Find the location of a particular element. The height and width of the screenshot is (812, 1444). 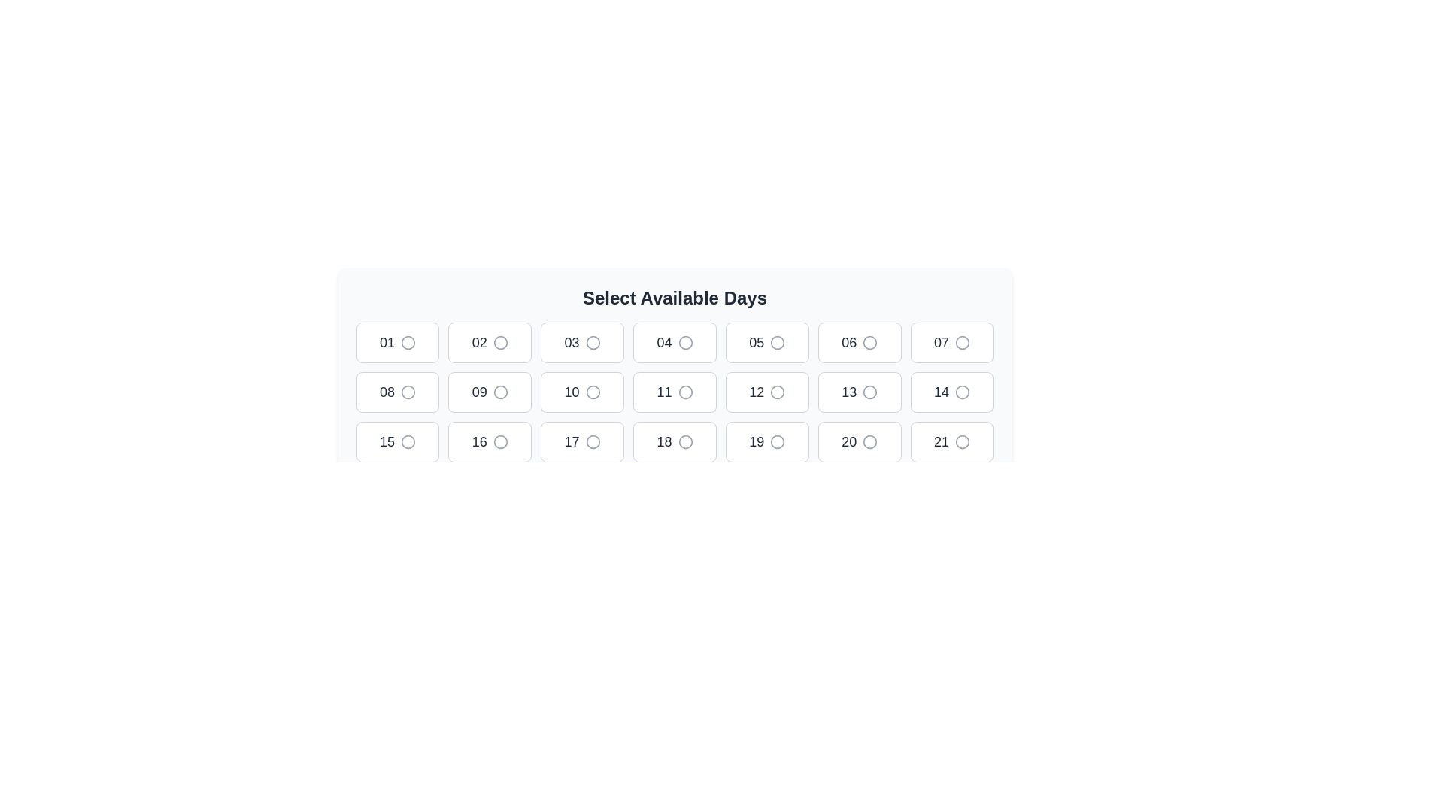

the circular decorative icon located to the right of the text '11' in the calendar grid is located at coordinates (684, 391).